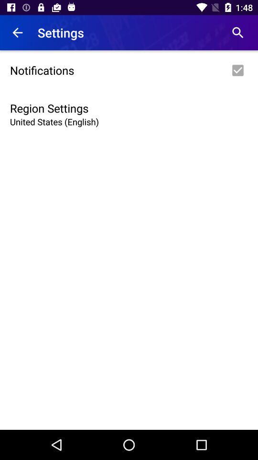 The width and height of the screenshot is (258, 460). I want to click on item above the notifications icon, so click(17, 33).